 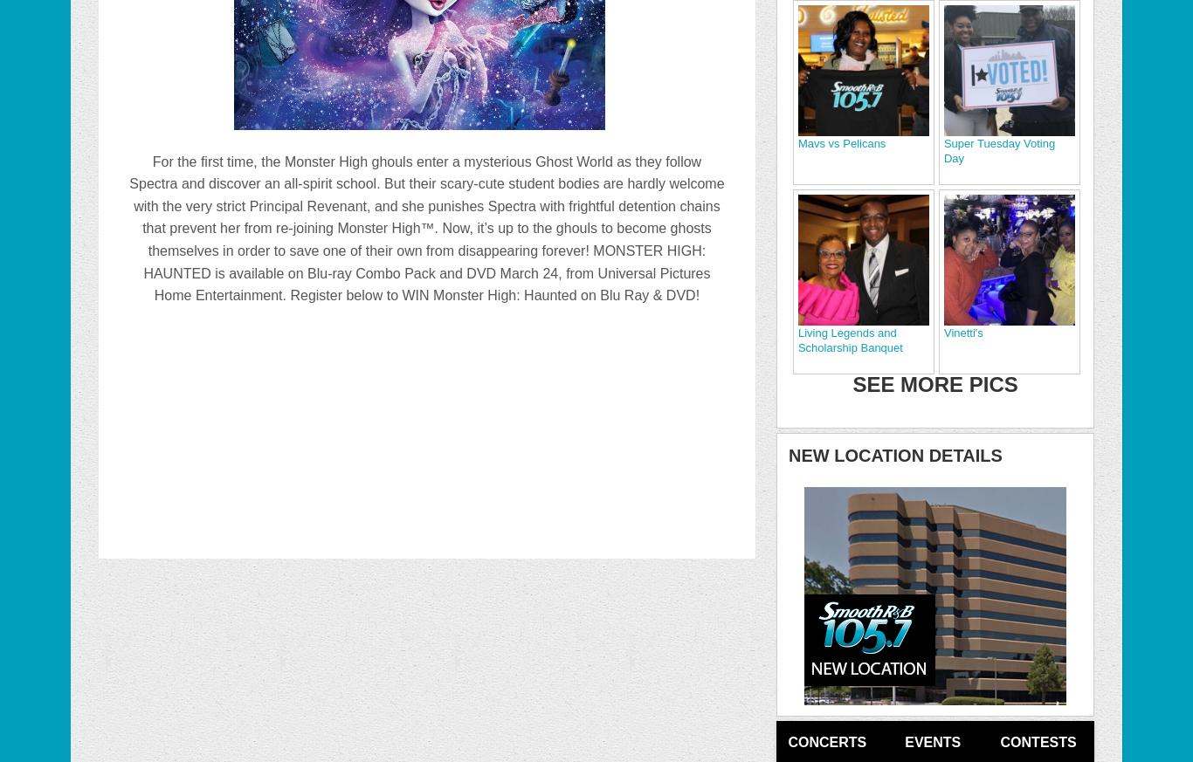 What do you see at coordinates (941, 151) in the screenshot?
I see `'Super Tuesday Voting Day'` at bounding box center [941, 151].